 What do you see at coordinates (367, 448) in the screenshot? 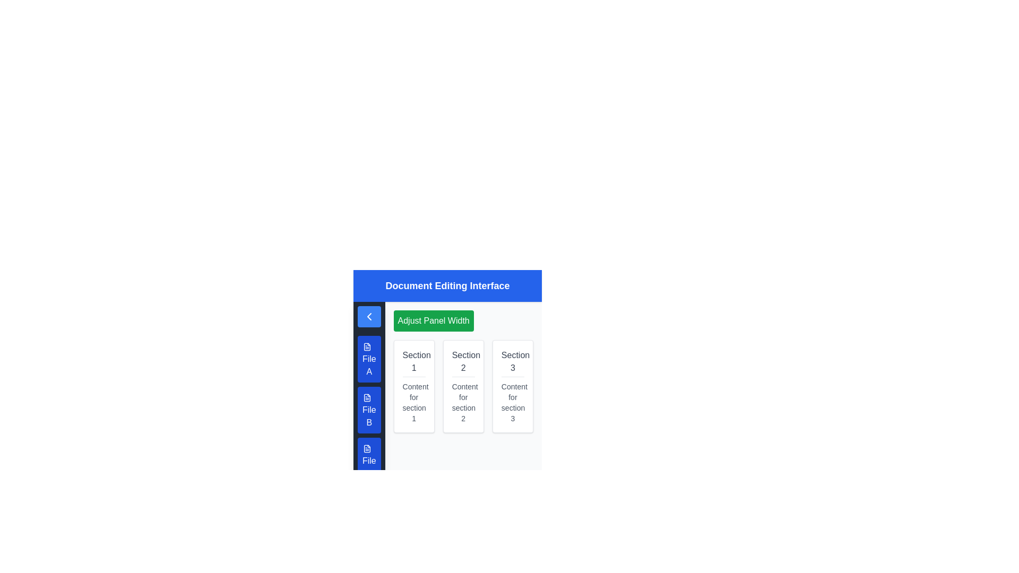
I see `the 'File C' icon, which is located at the top-left of the 'File C' button, indicating a file-related operation` at bounding box center [367, 448].